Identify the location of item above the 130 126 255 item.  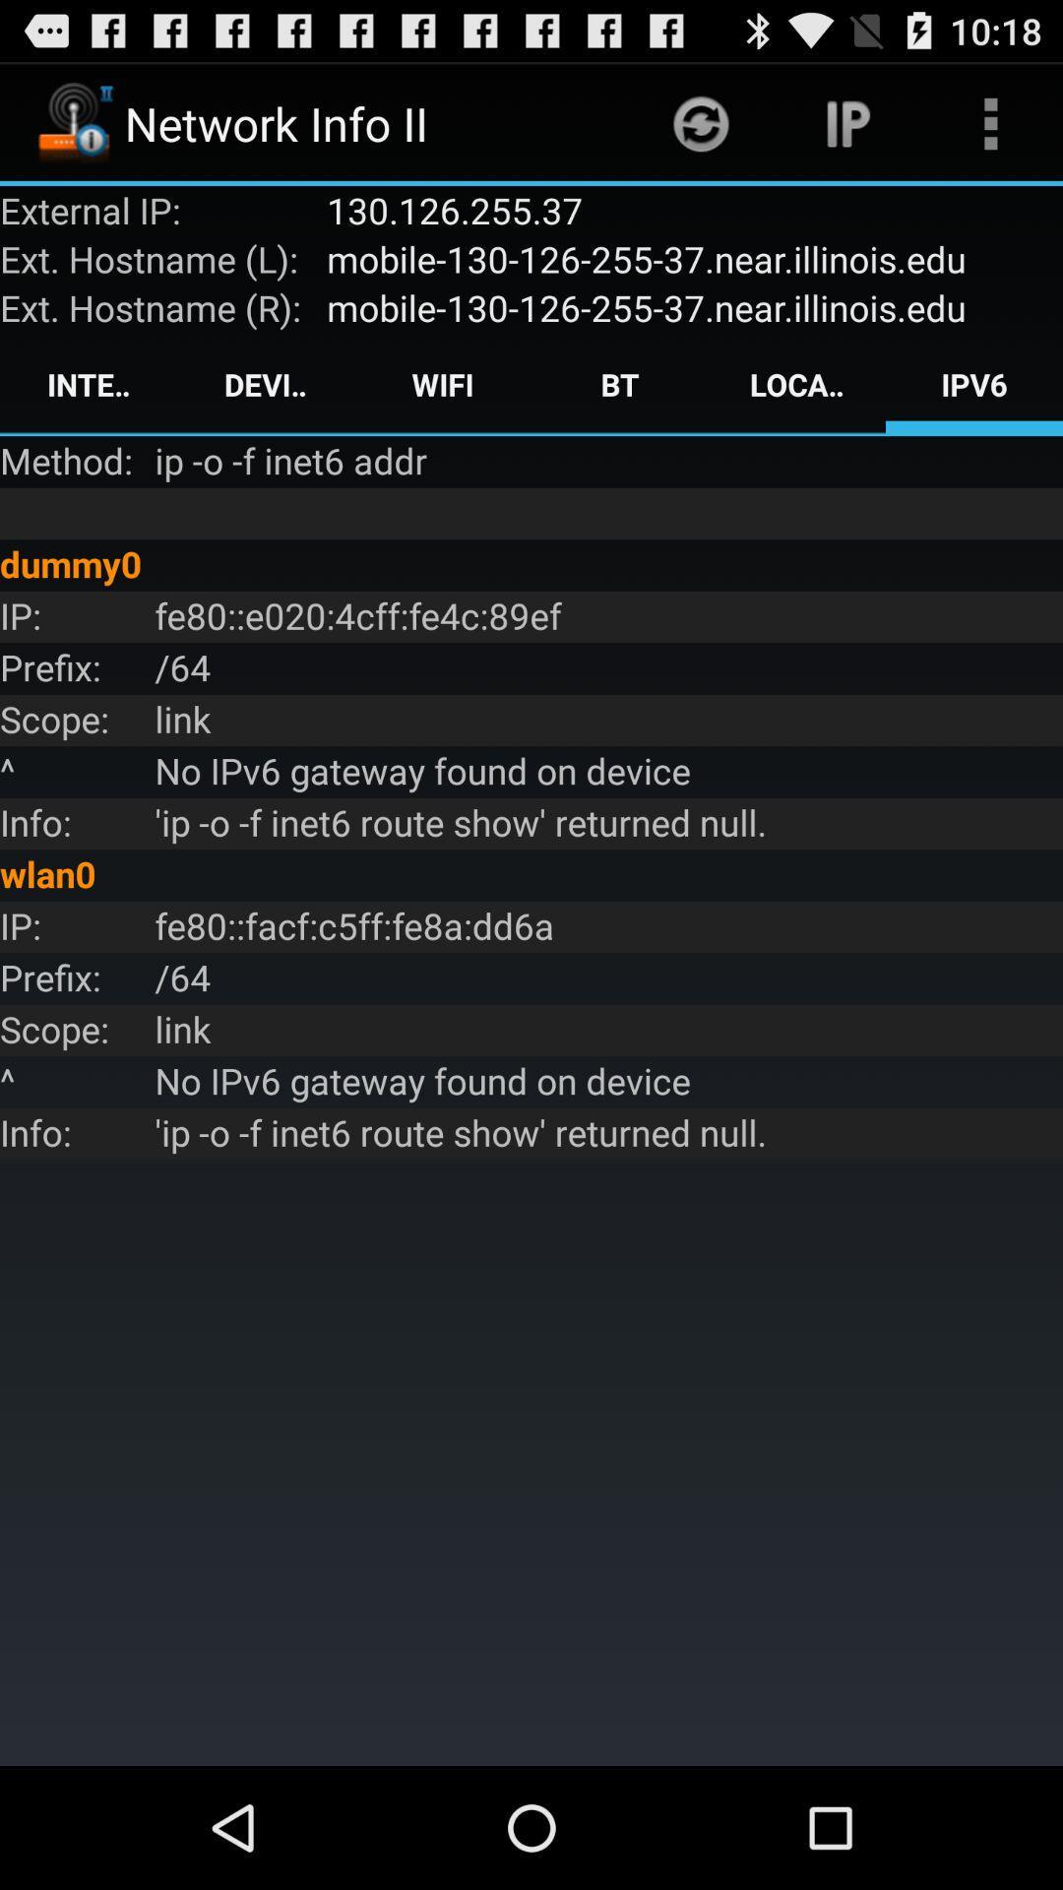
(844, 122).